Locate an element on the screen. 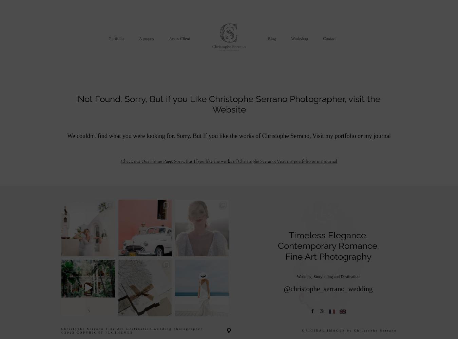 This screenshot has height=339, width=458. 'Workshop' is located at coordinates (299, 38).